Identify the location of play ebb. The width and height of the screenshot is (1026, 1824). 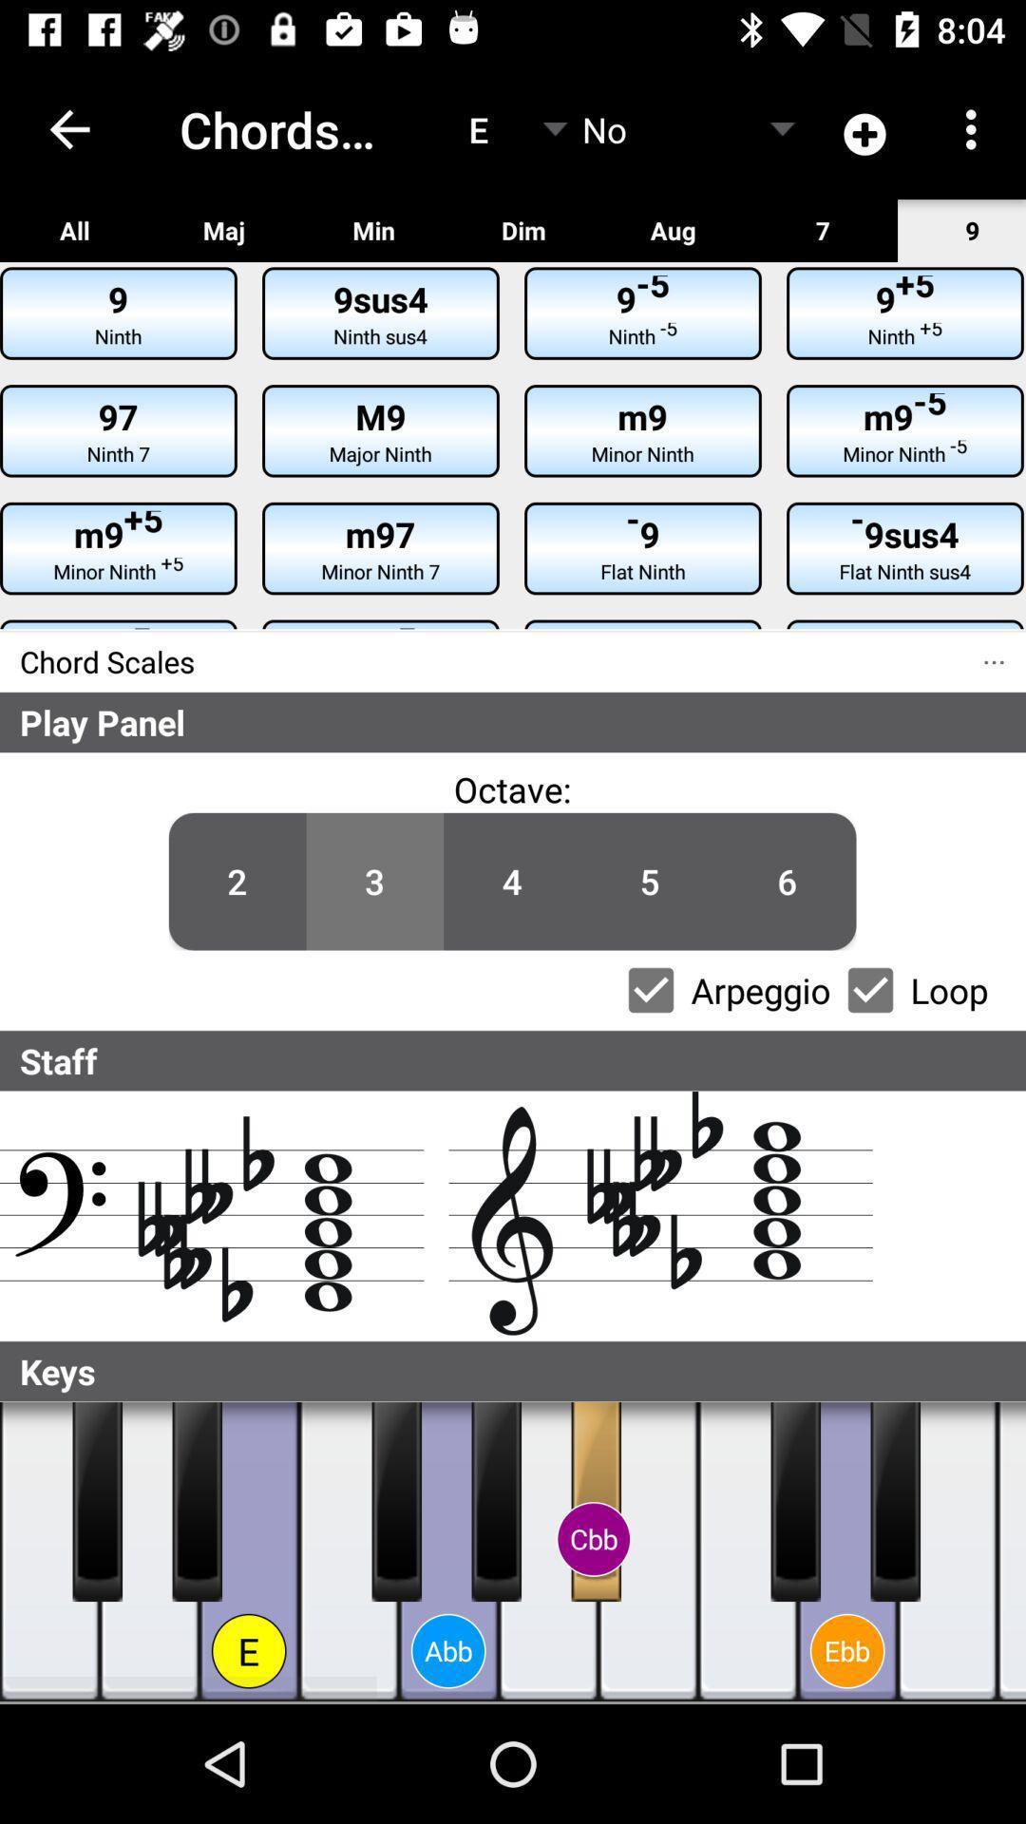
(846, 1551).